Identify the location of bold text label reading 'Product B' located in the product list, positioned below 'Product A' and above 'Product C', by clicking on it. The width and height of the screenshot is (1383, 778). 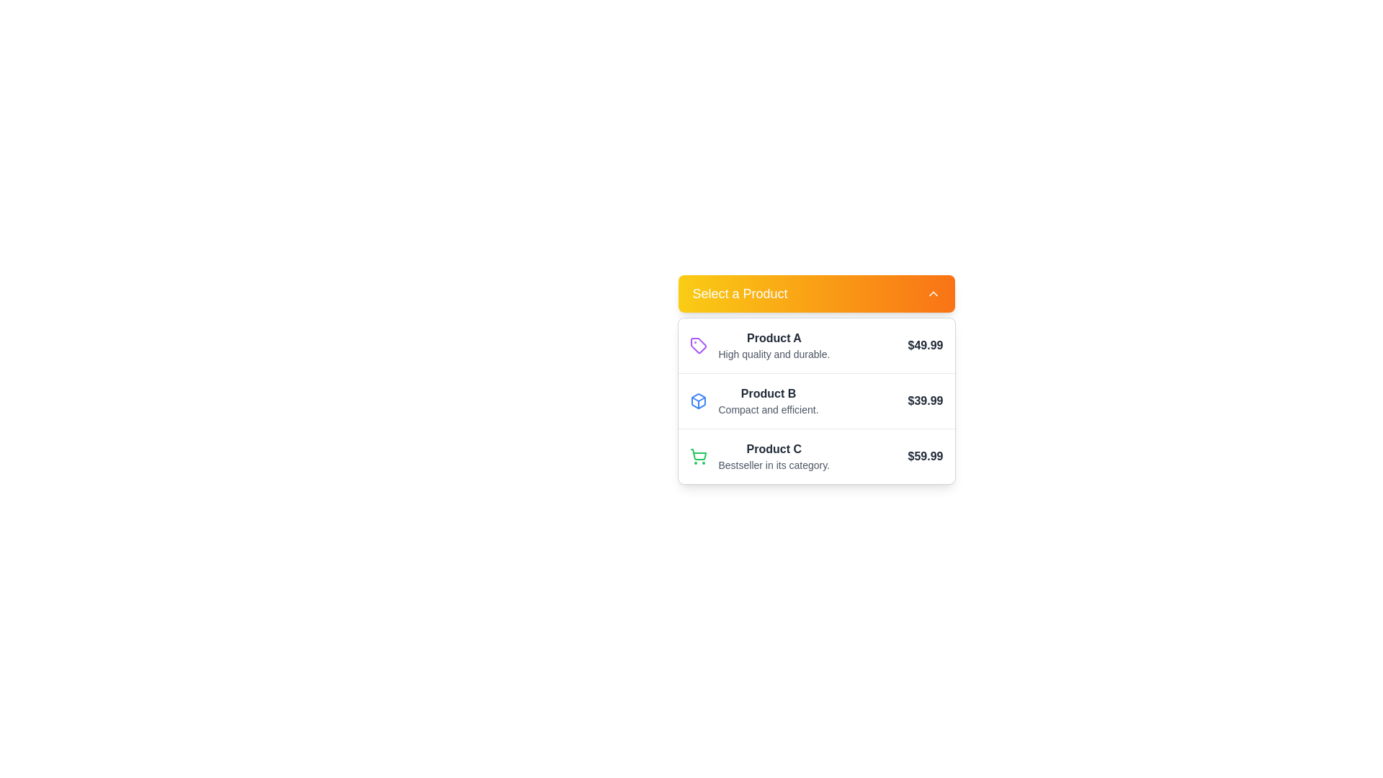
(767, 394).